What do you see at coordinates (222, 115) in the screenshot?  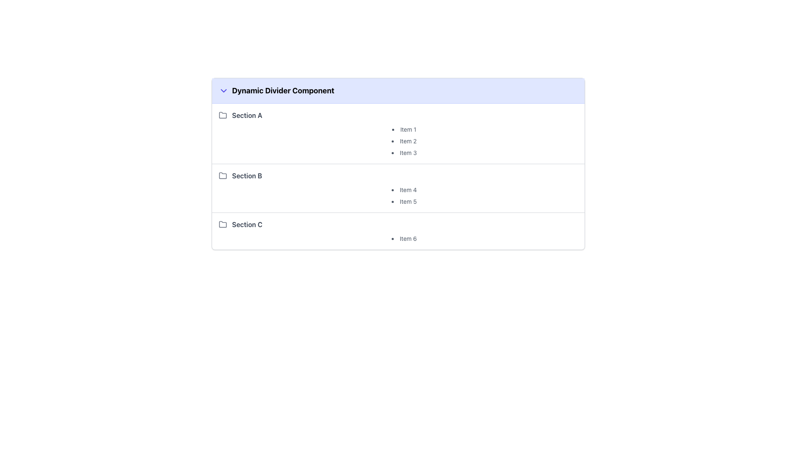 I see `the folder icon located to the left of the text 'Section A', which is depicted with a gray hue and an outlined design` at bounding box center [222, 115].